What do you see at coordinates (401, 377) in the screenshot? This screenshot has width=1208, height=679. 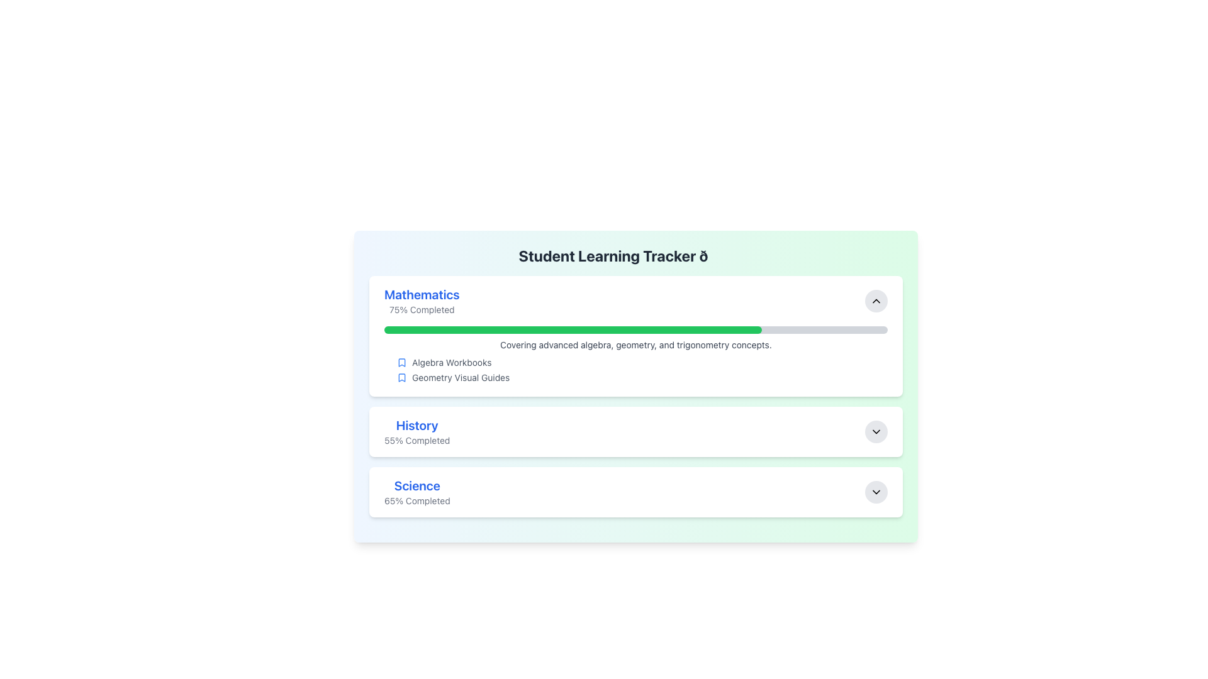 I see `the icon located to the left of the 'Geometry Visual Guides' label in the Mathematics section` at bounding box center [401, 377].